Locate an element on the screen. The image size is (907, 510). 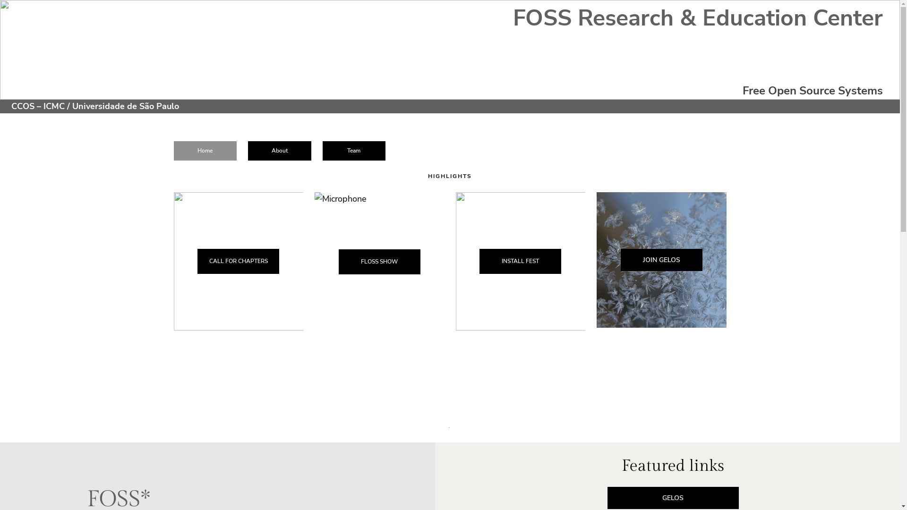
'Team' is located at coordinates (353, 150).